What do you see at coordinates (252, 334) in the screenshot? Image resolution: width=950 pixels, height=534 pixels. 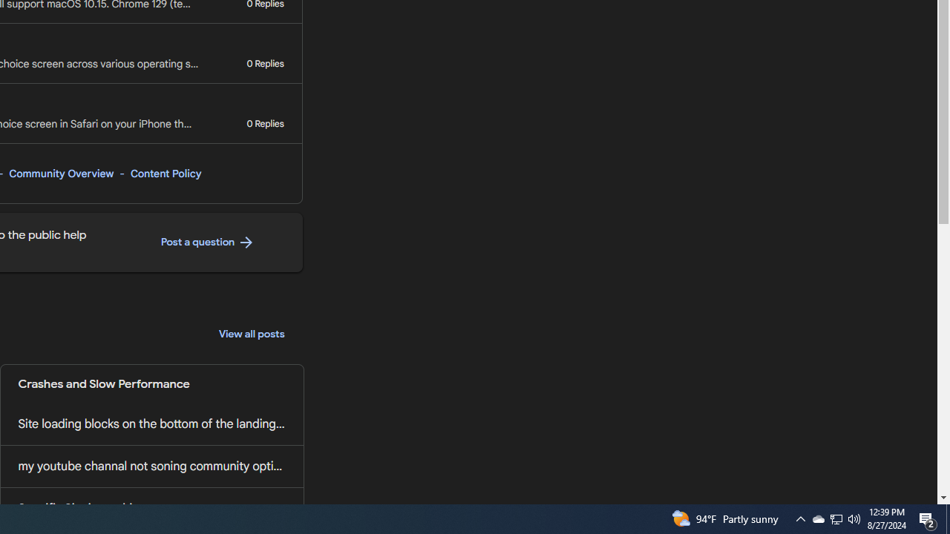 I see `'View all posts'` at bounding box center [252, 334].